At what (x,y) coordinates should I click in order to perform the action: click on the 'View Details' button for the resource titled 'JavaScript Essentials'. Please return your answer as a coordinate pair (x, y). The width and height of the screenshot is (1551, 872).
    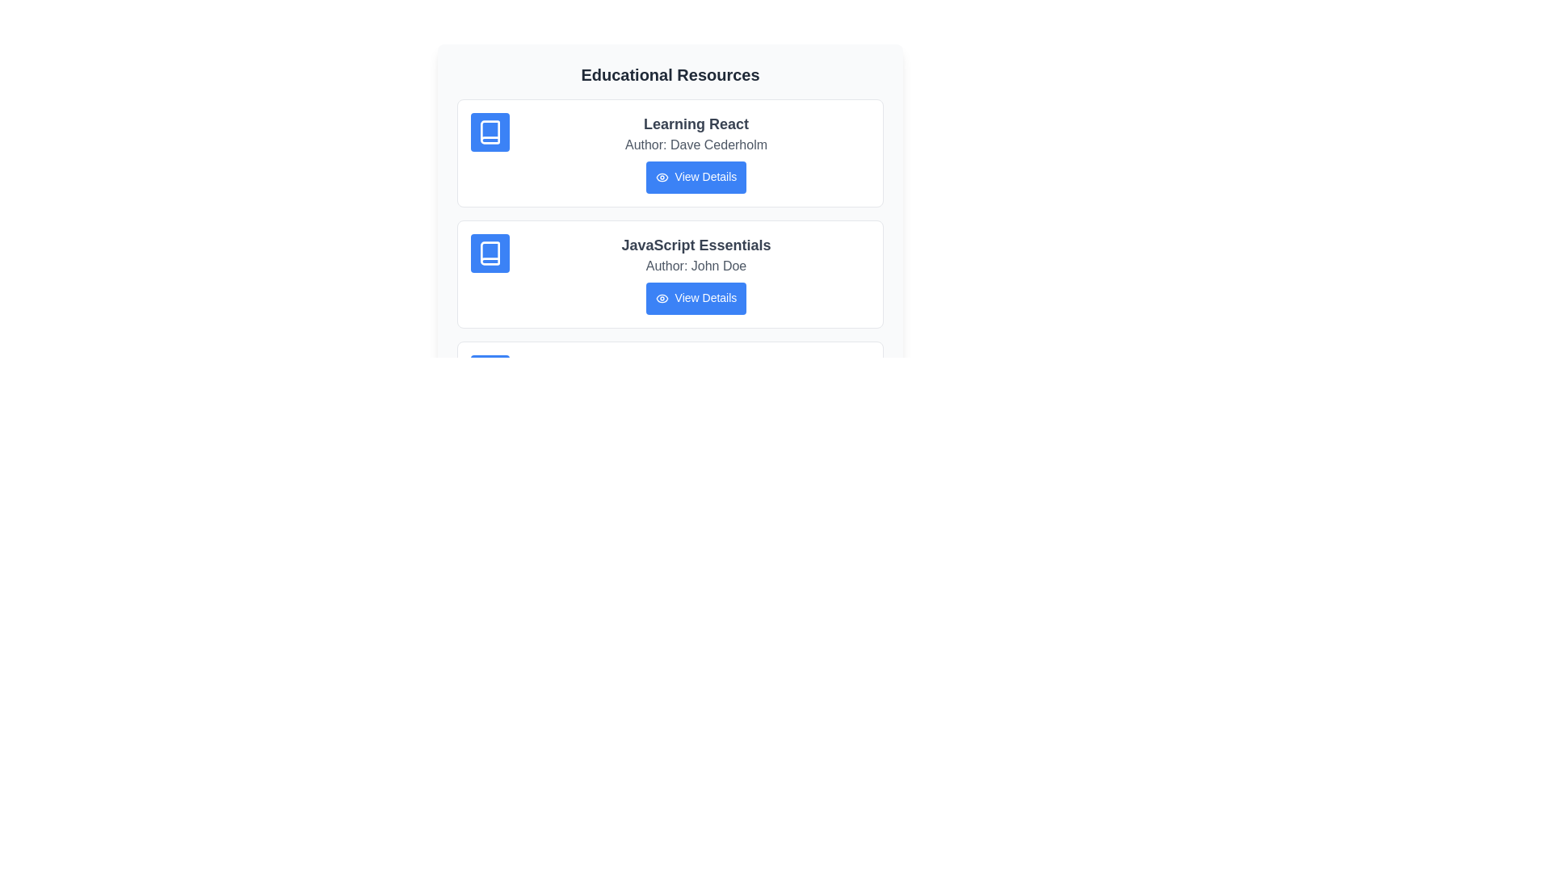
    Looking at the image, I should click on (696, 299).